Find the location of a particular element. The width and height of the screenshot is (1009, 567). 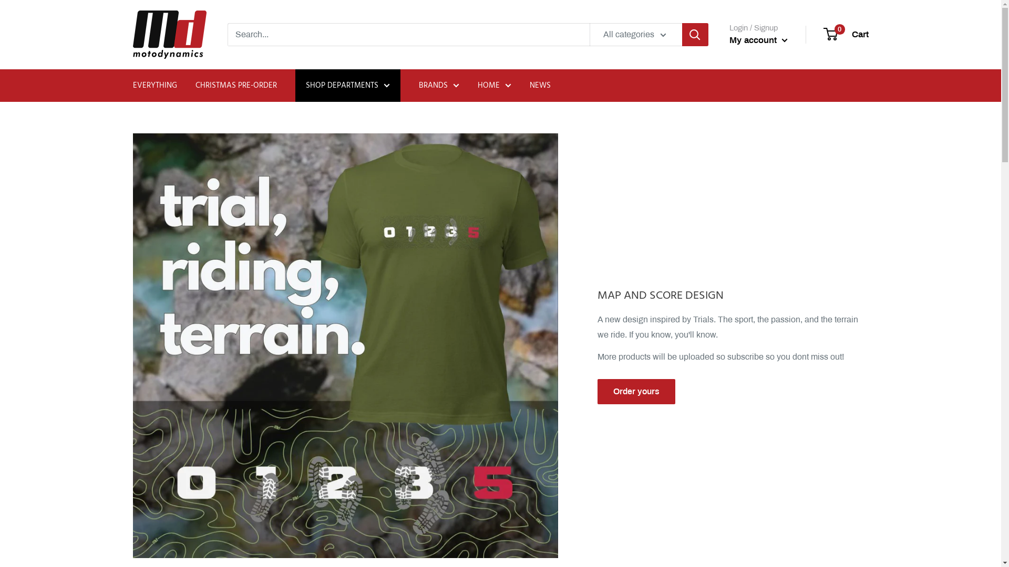

'My account' is located at coordinates (758, 40).